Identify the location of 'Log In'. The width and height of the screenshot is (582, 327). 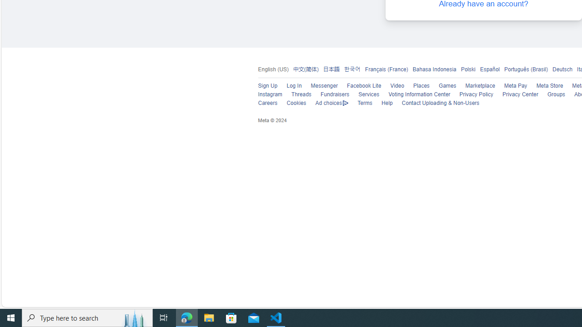
(289, 86).